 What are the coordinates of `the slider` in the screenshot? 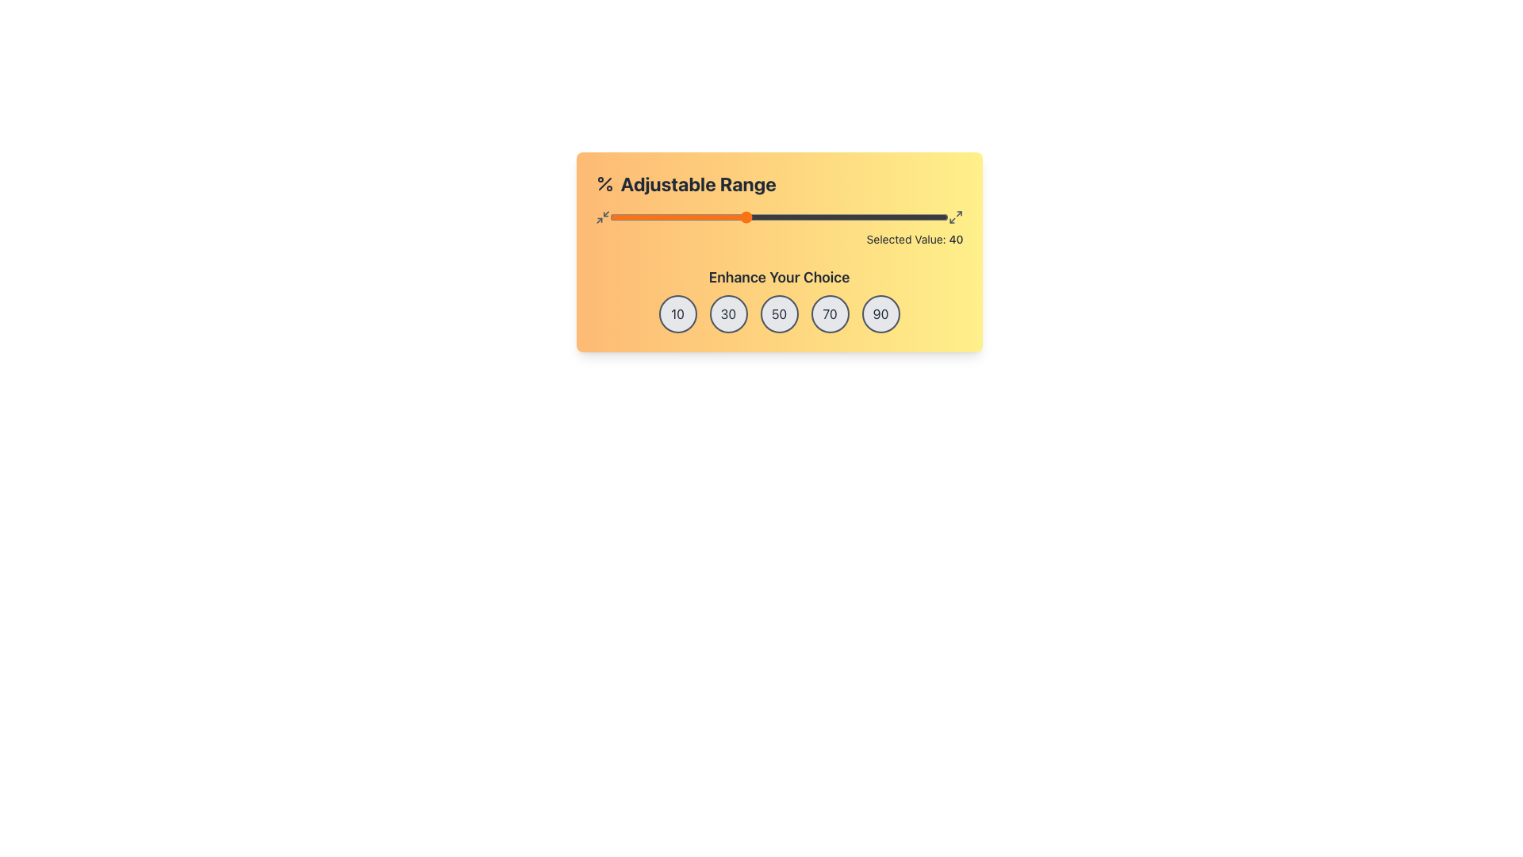 It's located at (738, 217).